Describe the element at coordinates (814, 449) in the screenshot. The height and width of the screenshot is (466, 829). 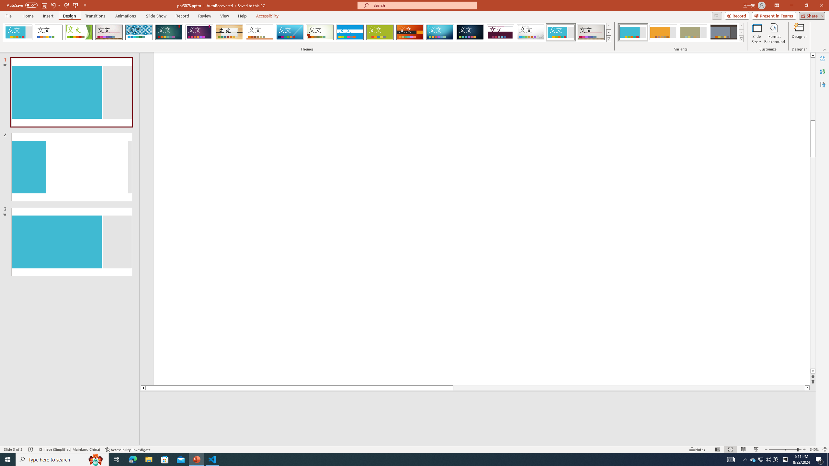
I see `'Zoom 340%'` at that location.